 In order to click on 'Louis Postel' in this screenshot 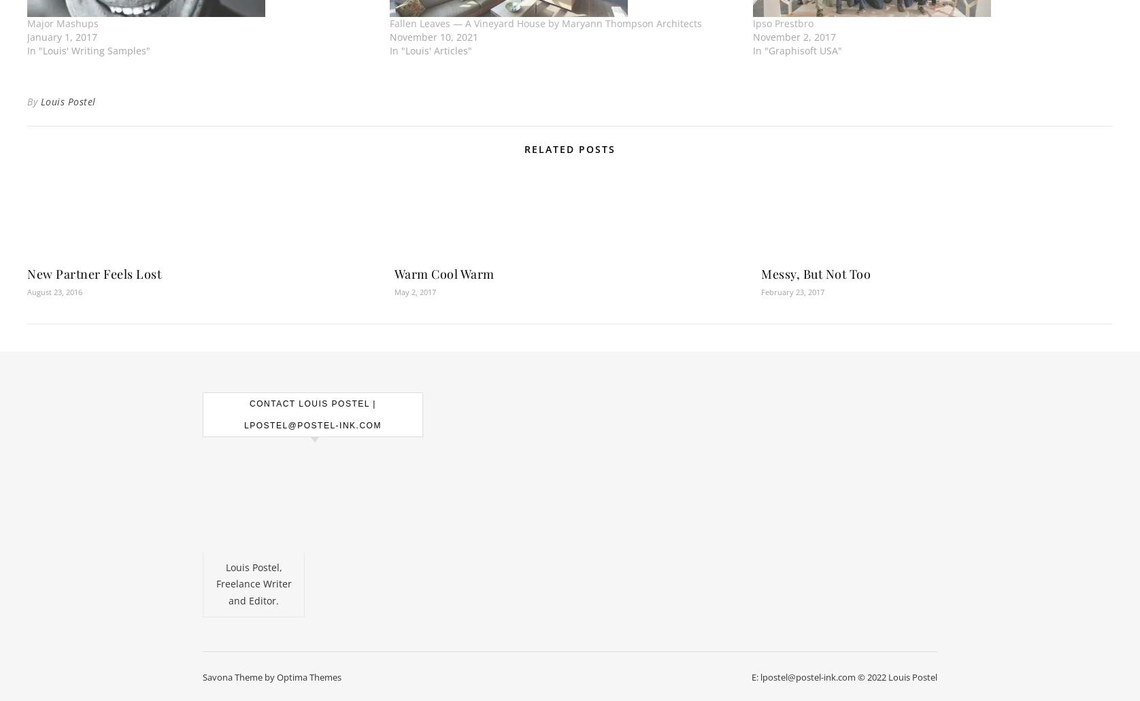, I will do `click(67, 101)`.